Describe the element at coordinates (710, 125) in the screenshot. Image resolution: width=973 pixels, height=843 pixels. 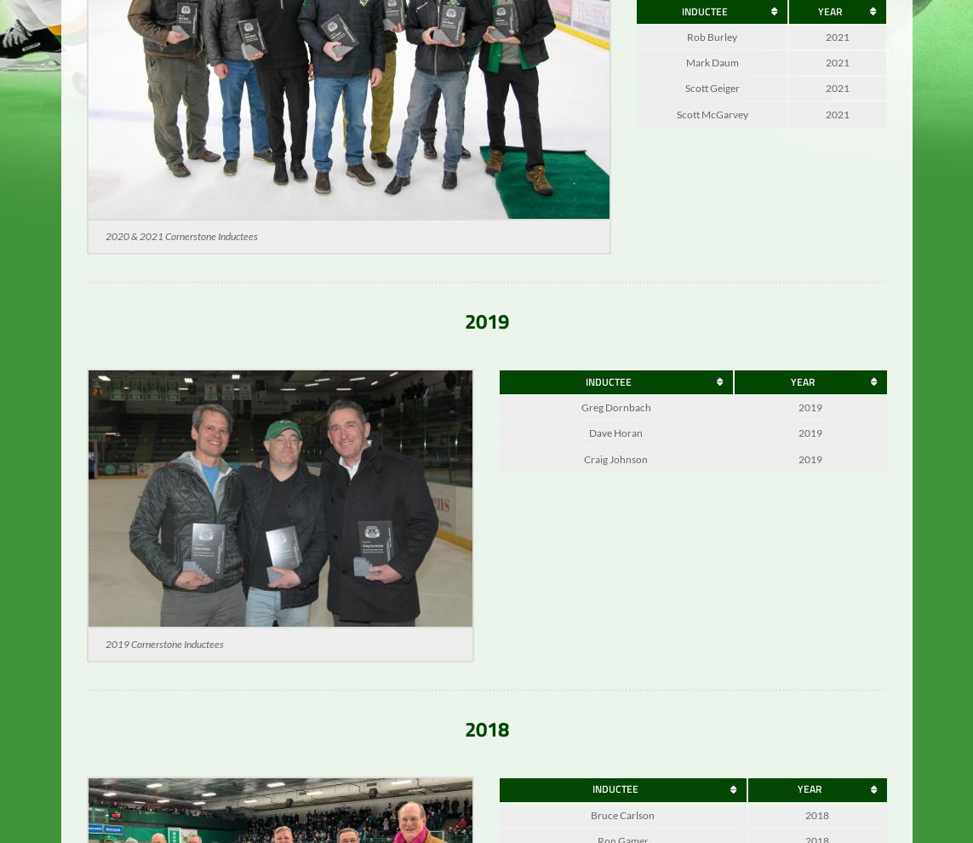
I see `'Scott McGarvey'` at that location.